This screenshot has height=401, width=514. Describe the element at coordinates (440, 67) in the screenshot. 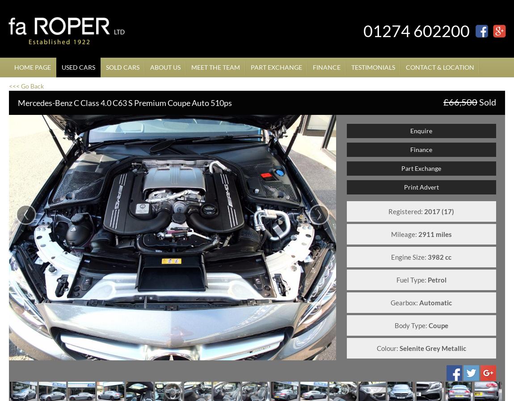

I see `'Contact & Location'` at that location.